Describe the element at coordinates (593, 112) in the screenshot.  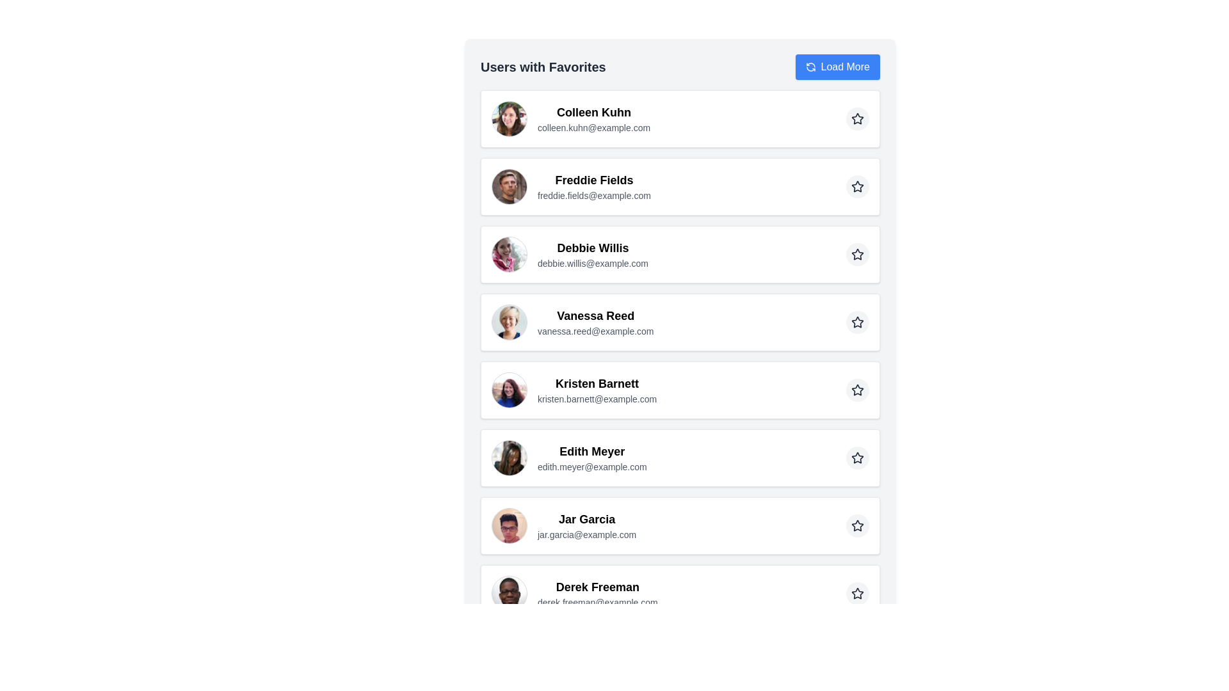
I see `the text component displaying 'Colleen Kuhn', which is styled in bold and large font, located in the upper section of the user card interface` at that location.